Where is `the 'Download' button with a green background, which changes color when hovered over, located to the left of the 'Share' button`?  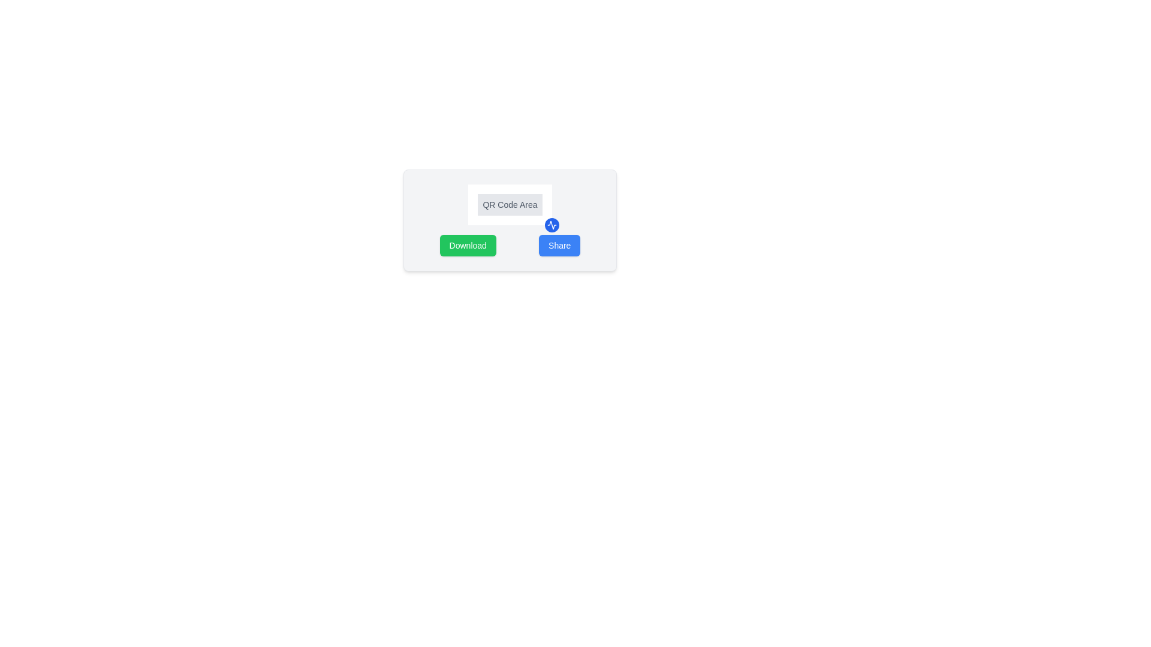
the 'Download' button with a green background, which changes color when hovered over, located to the left of the 'Share' button is located at coordinates (467, 244).